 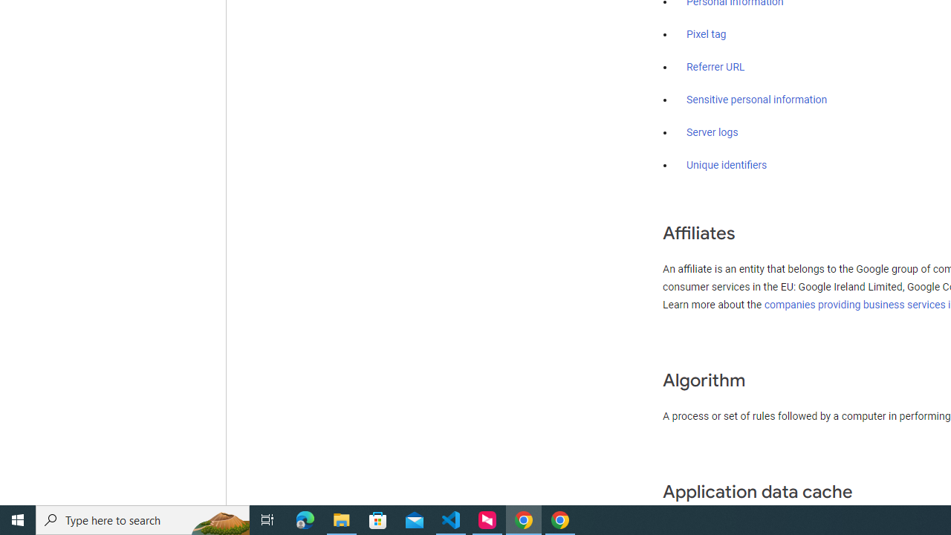 I want to click on 'Server logs', so click(x=712, y=132).